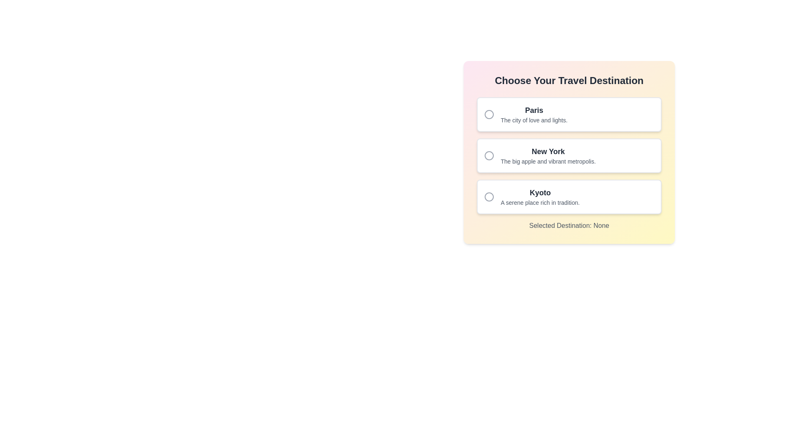 This screenshot has height=445, width=792. I want to click on the list of travel destinations styled as radio buttons, so click(569, 164).